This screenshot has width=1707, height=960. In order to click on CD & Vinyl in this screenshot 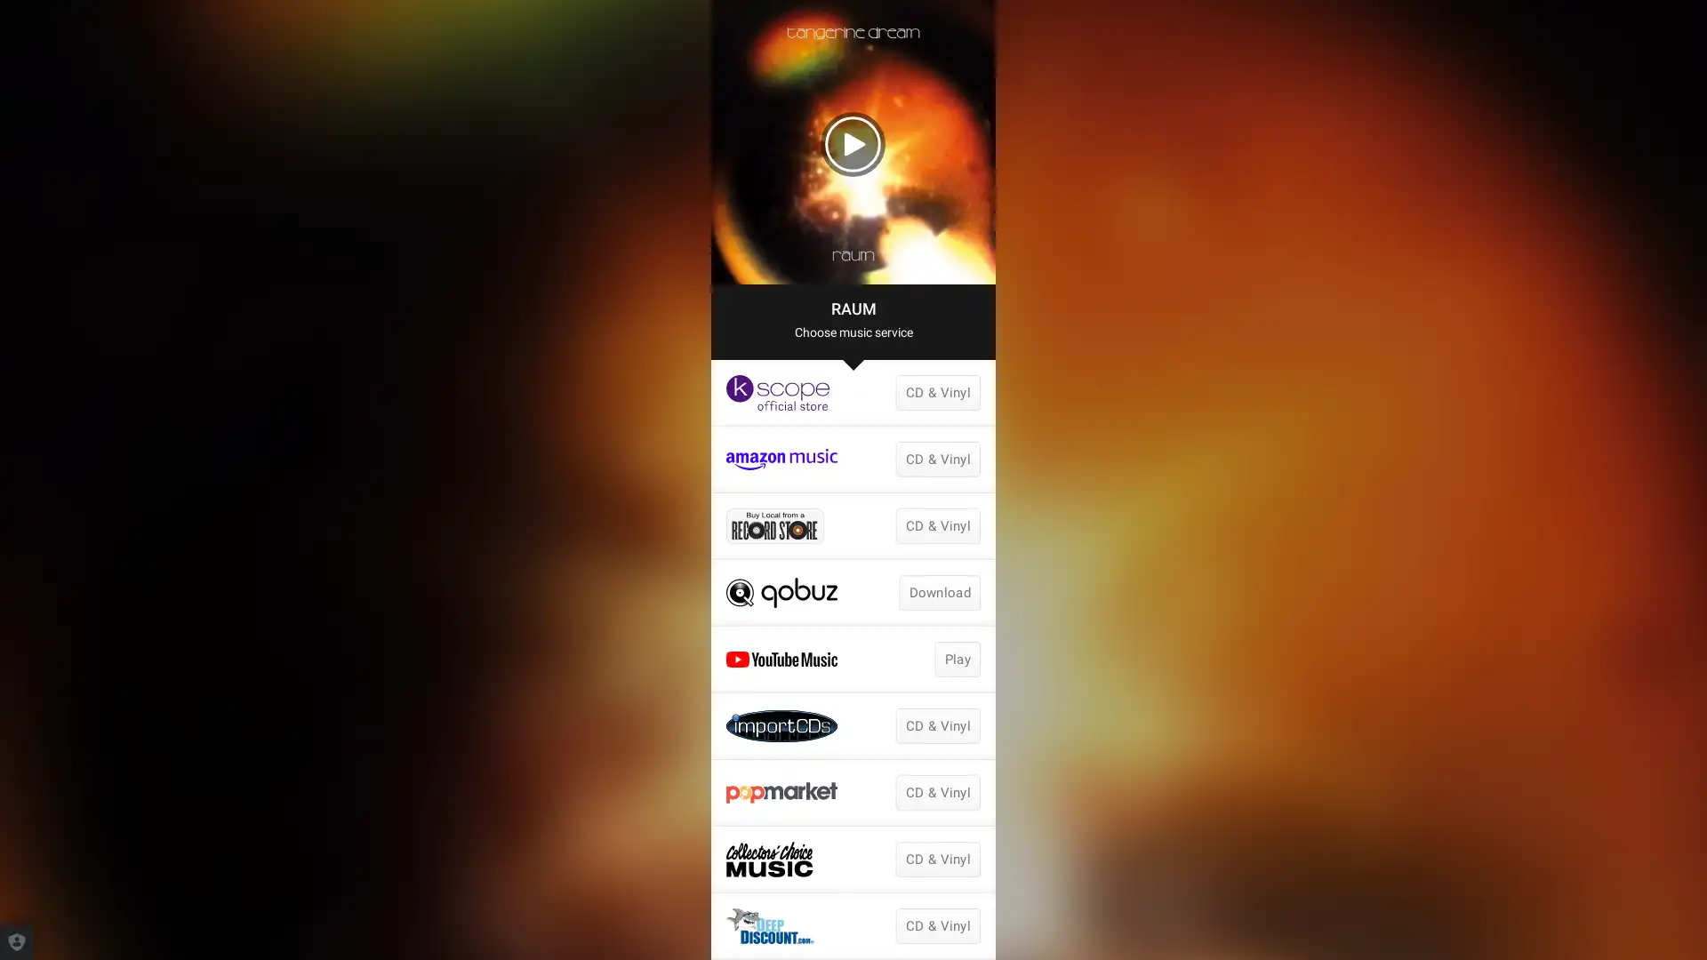, I will do `click(937, 458)`.